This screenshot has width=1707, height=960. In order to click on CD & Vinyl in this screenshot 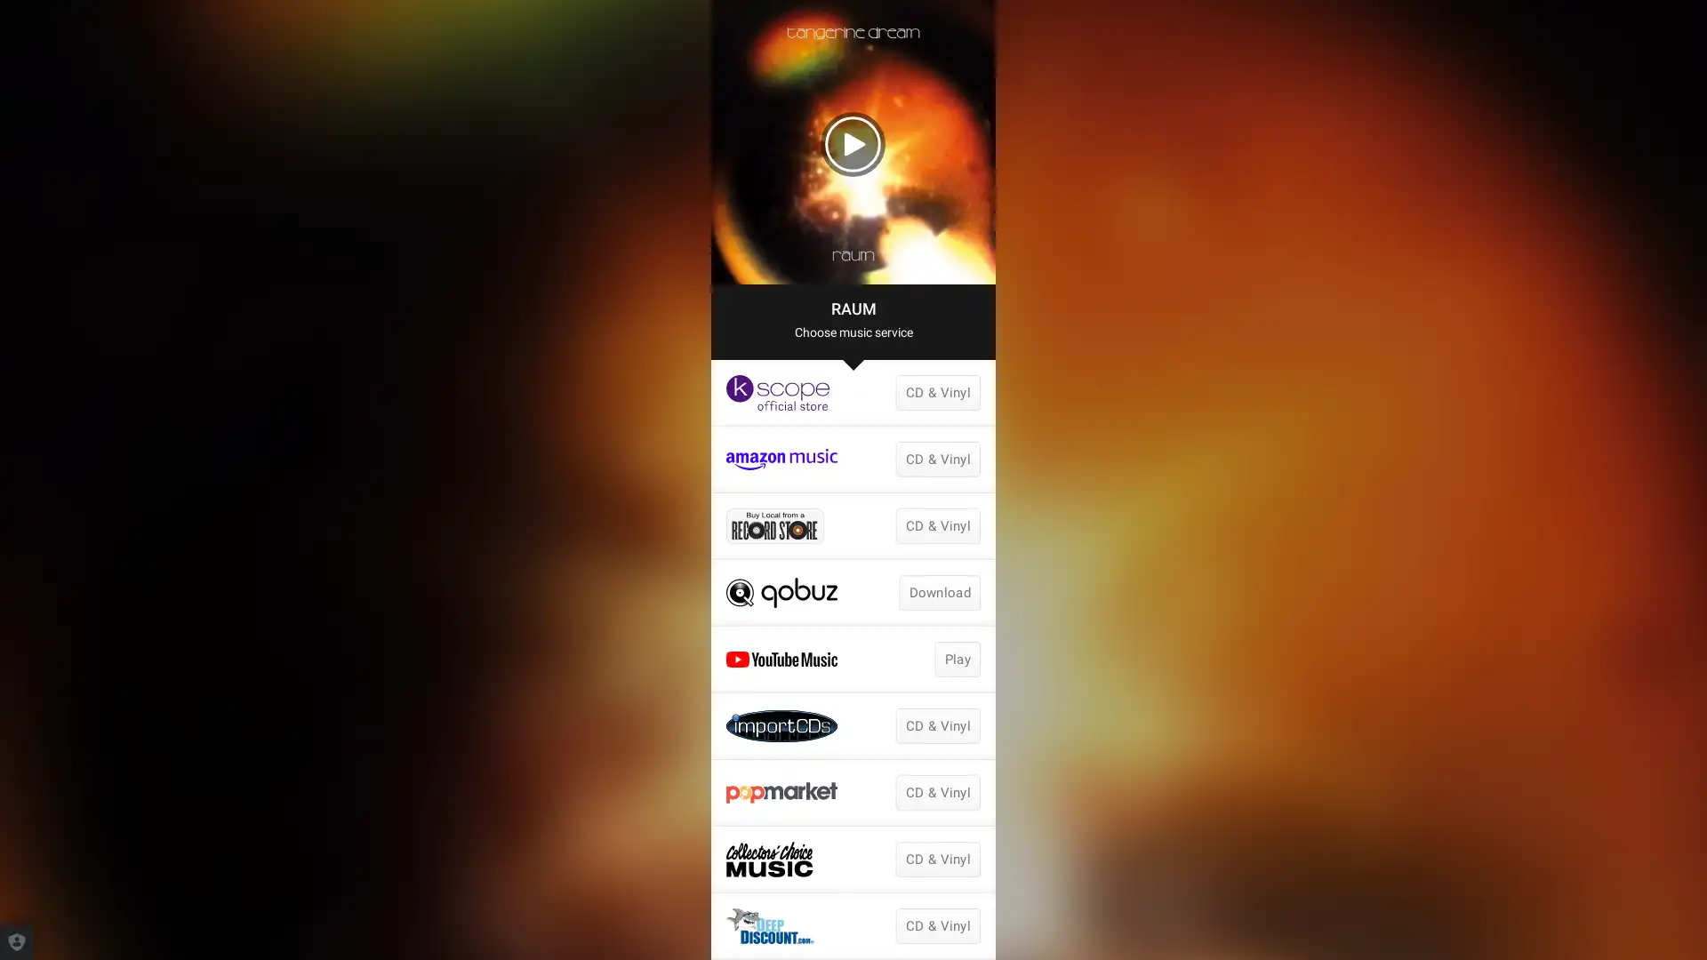, I will do `click(937, 458)`.